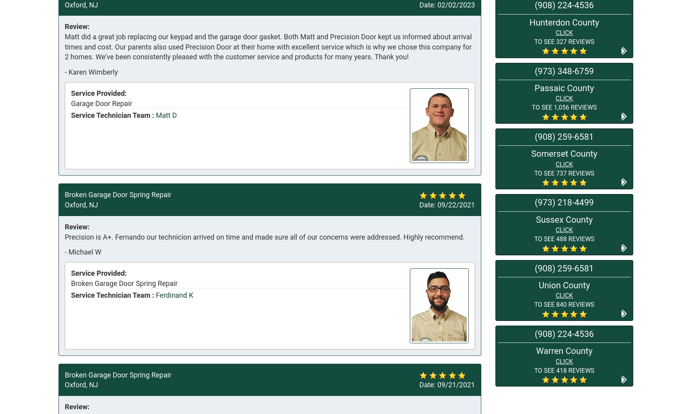 The width and height of the screenshot is (687, 414). Describe the element at coordinates (535, 70) in the screenshot. I see `'(973) 348-6759'` at that location.